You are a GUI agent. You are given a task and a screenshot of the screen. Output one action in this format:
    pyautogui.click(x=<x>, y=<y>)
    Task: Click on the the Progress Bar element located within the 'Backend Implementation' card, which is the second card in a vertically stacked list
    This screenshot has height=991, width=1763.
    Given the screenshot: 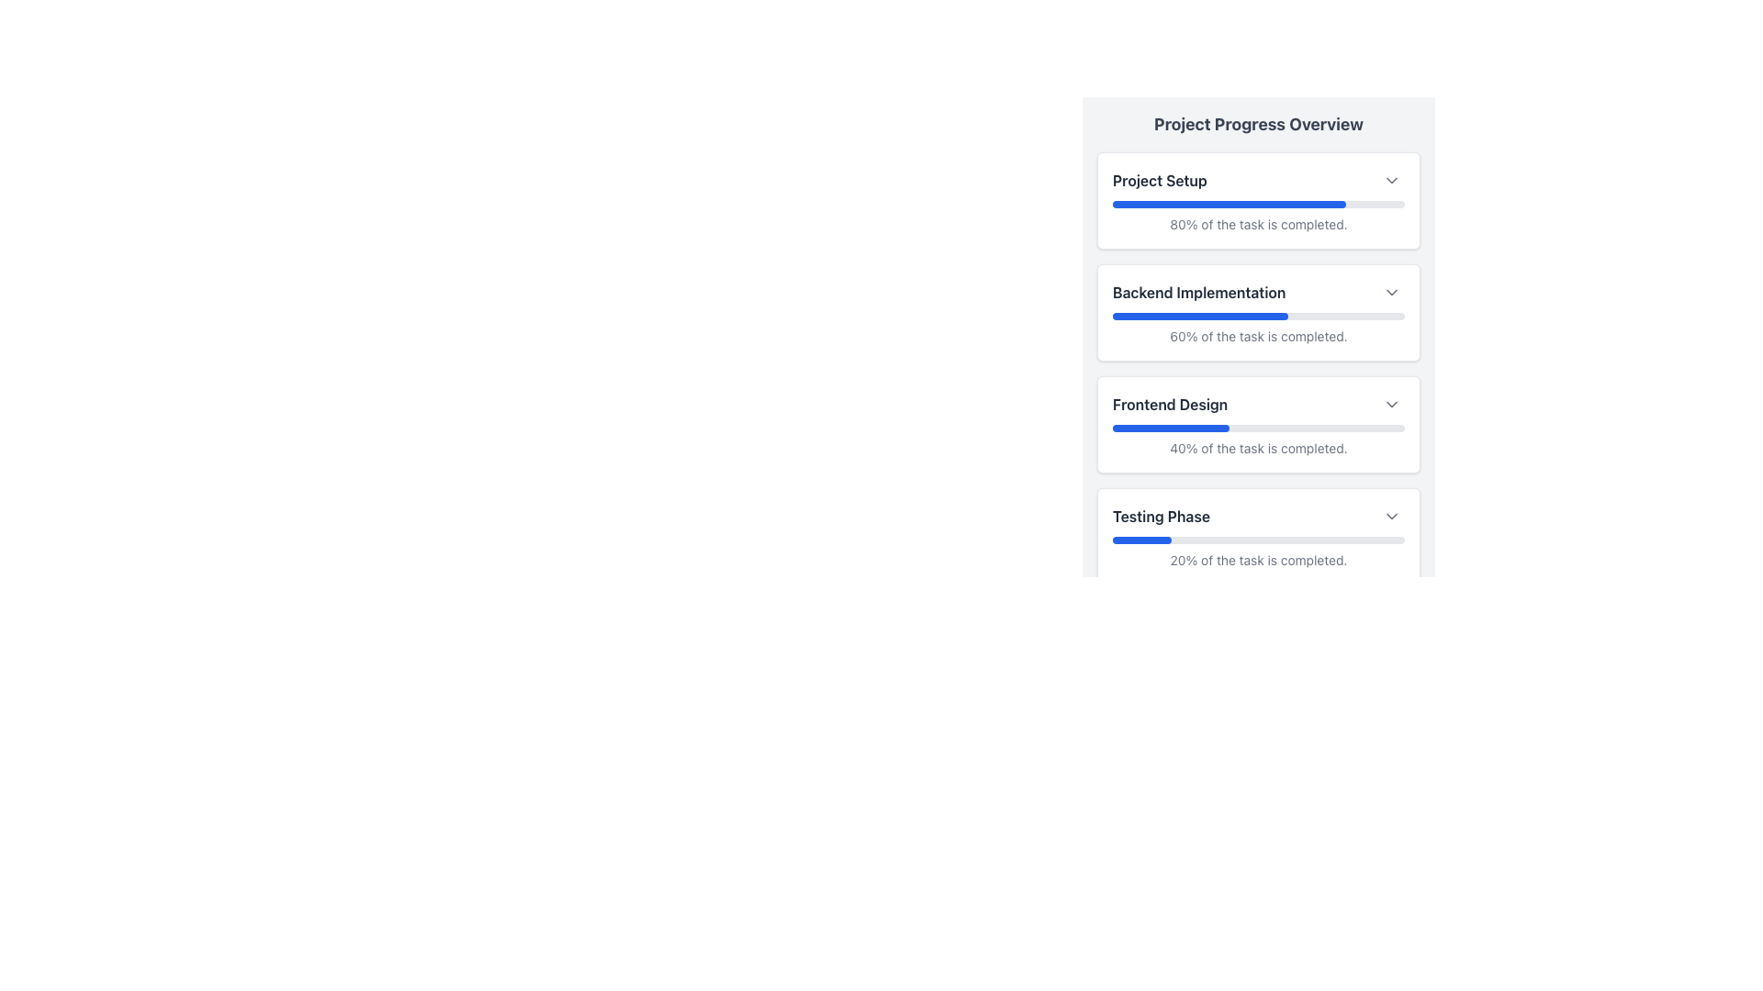 What is the action you would take?
    pyautogui.click(x=1258, y=315)
    